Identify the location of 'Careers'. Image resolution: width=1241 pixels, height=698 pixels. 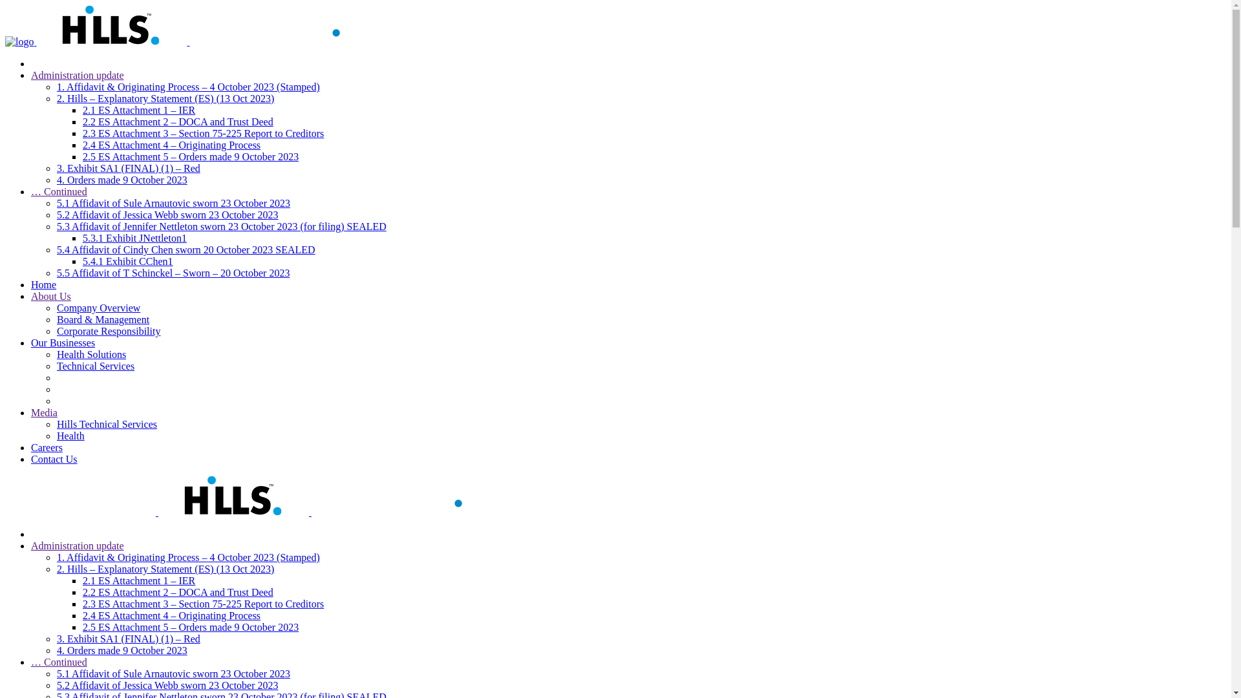
(47, 447).